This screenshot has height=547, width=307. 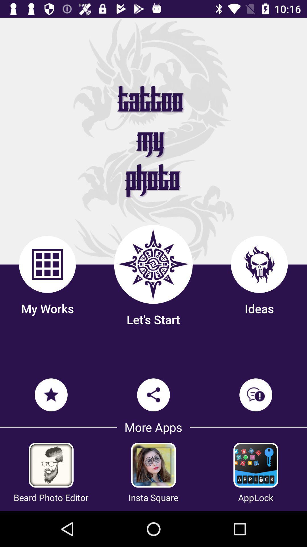 I want to click on open applock app, so click(x=255, y=465).